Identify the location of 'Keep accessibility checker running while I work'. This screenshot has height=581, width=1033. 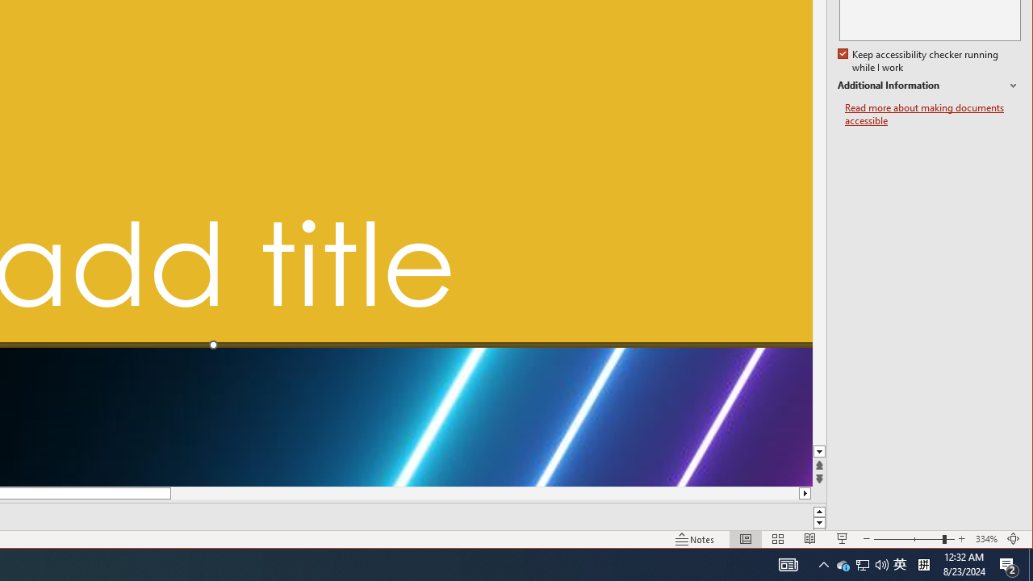
(919, 61).